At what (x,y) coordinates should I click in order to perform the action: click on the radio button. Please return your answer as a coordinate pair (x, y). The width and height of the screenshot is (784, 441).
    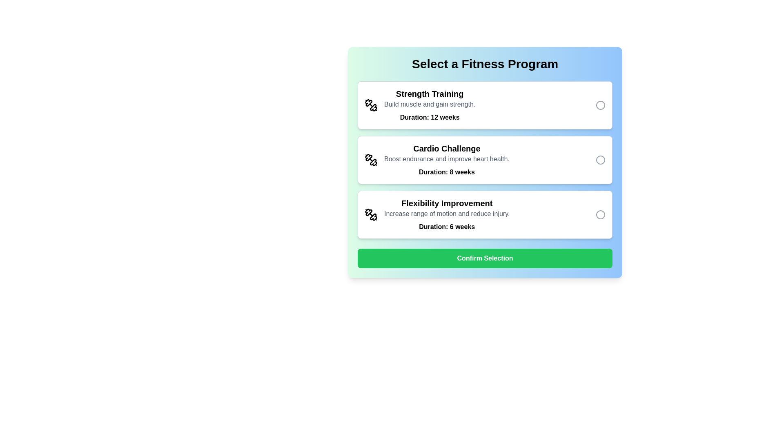
    Looking at the image, I should click on (600, 160).